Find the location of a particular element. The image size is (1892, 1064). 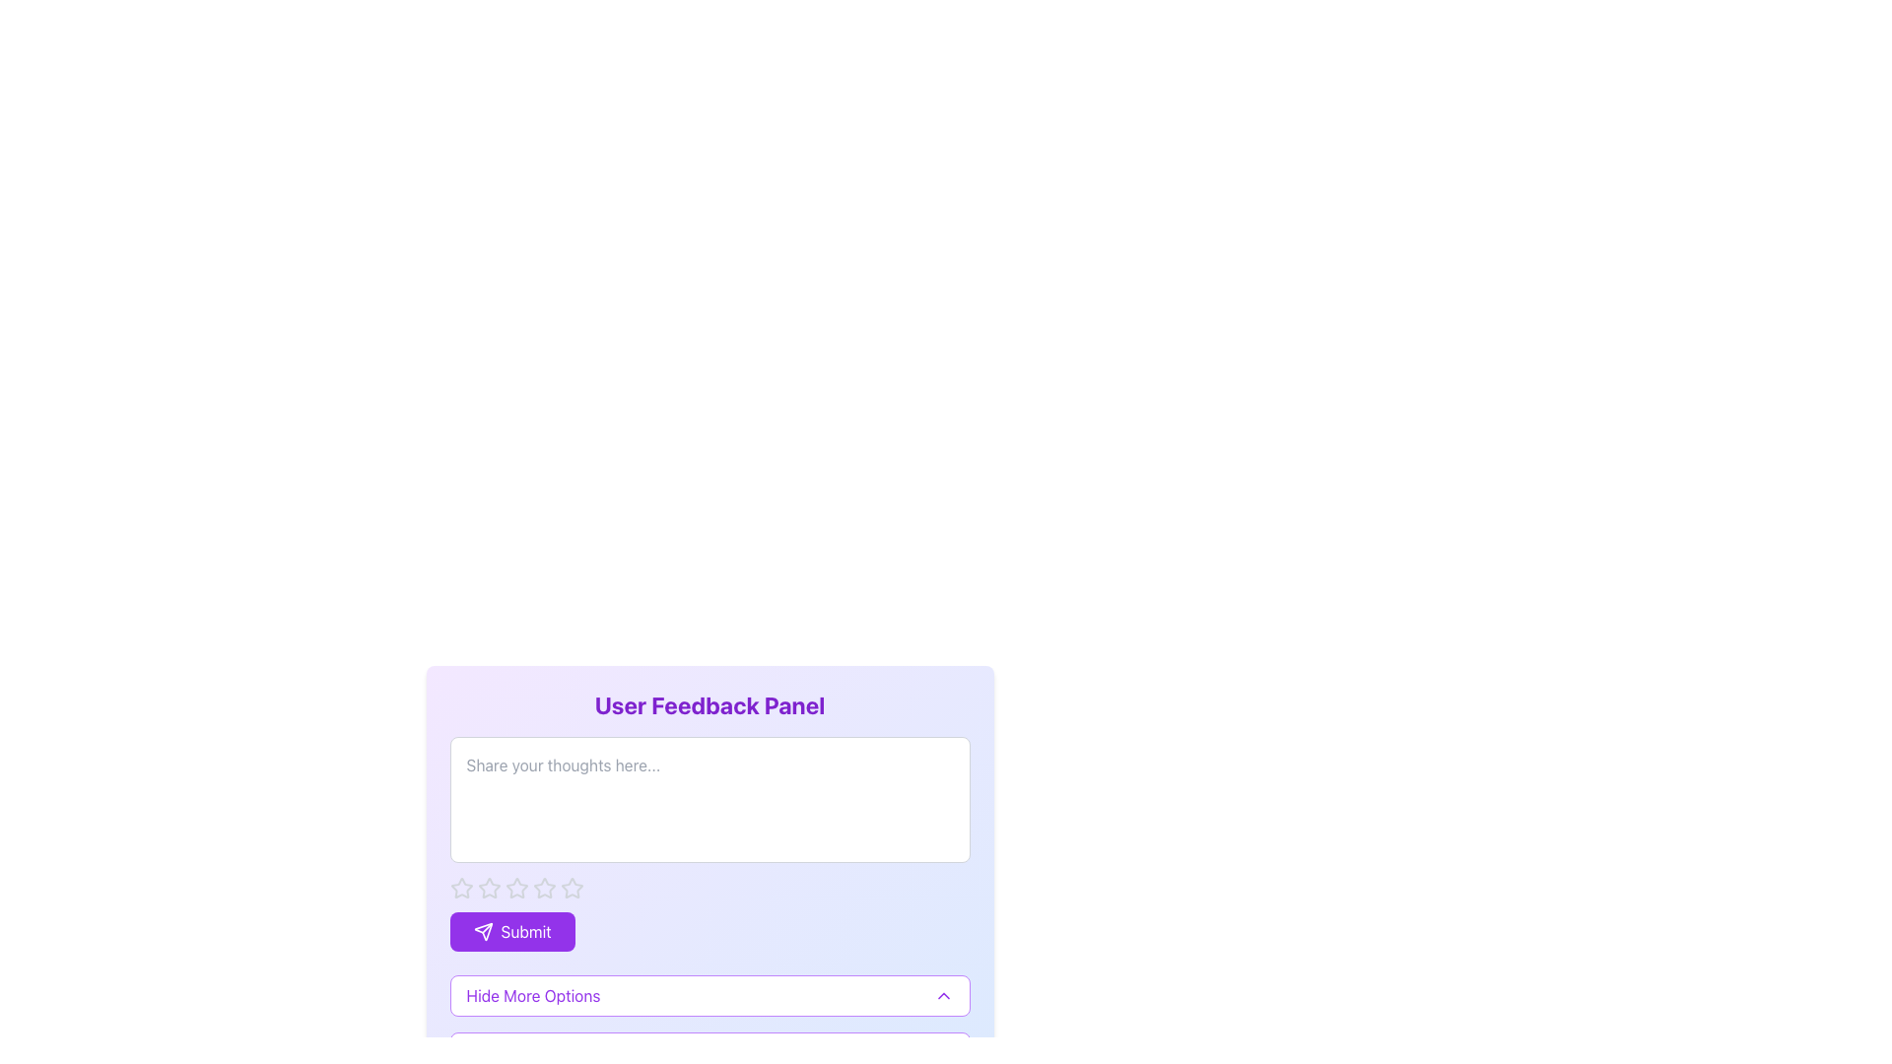

the 'User Feedback Panel' text header, which is prominently displayed in bold, large purple font at the top of the panel layout is located at coordinates (709, 704).